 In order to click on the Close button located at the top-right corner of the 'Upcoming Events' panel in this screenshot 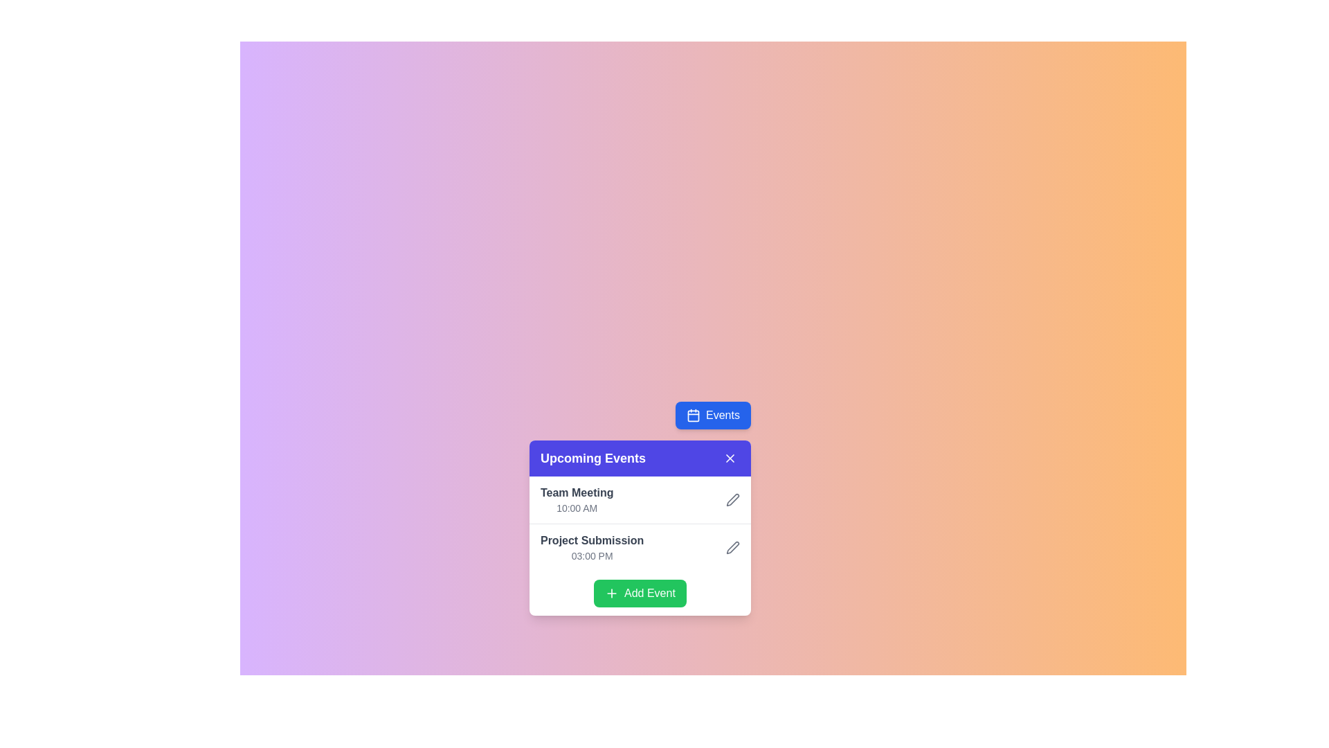, I will do `click(730, 458)`.